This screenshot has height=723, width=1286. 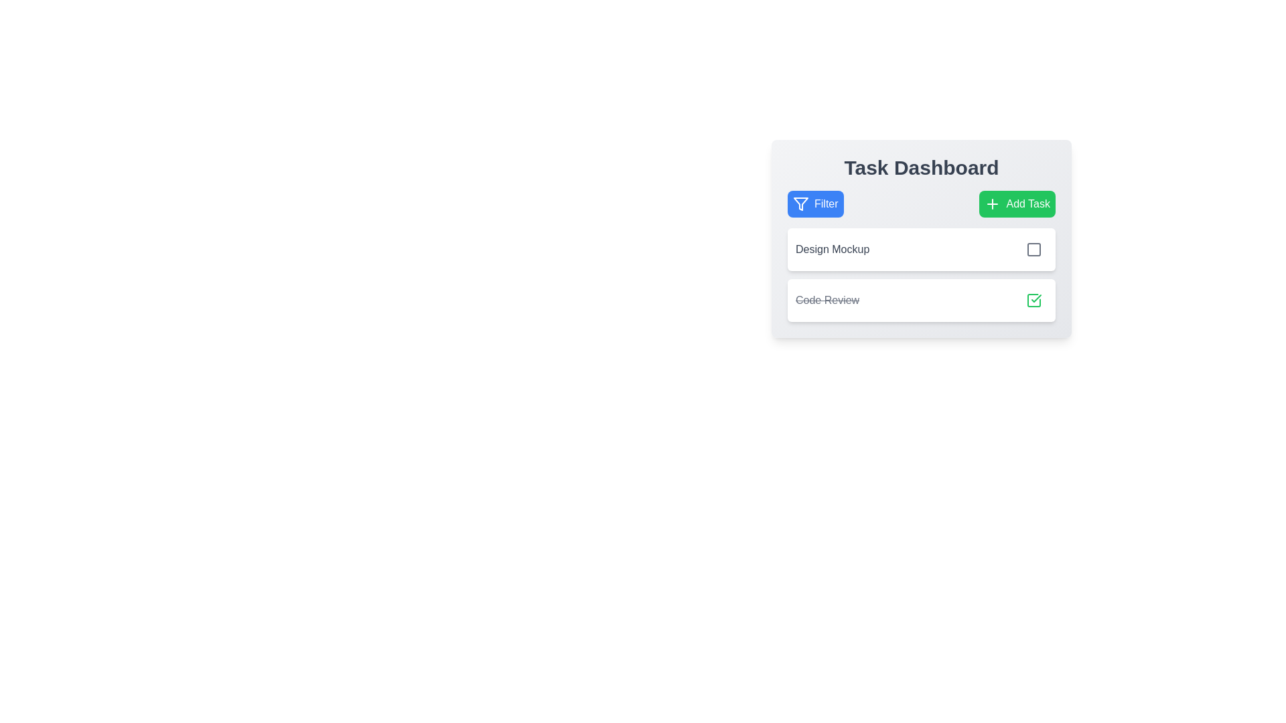 What do you see at coordinates (800, 204) in the screenshot?
I see `the filtering icon located within the 'Filter' button at the top-left corner of the task dashboard` at bounding box center [800, 204].